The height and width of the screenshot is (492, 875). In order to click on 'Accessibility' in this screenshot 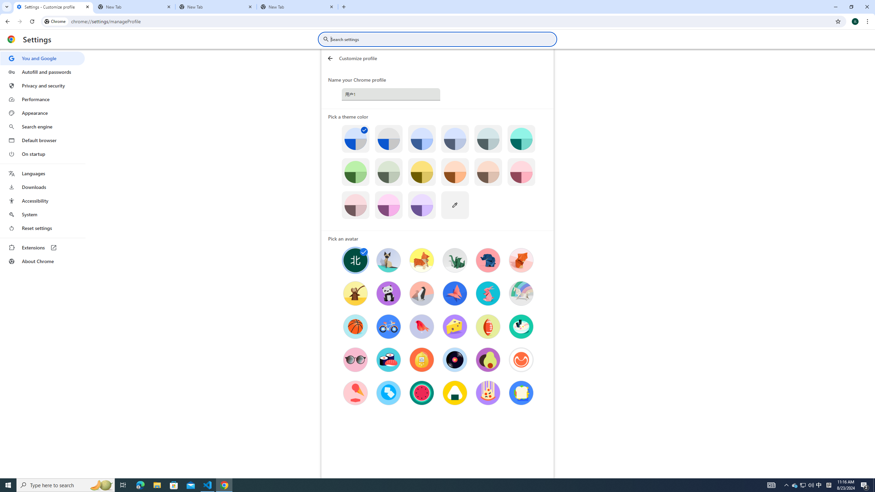, I will do `click(42, 200)`.